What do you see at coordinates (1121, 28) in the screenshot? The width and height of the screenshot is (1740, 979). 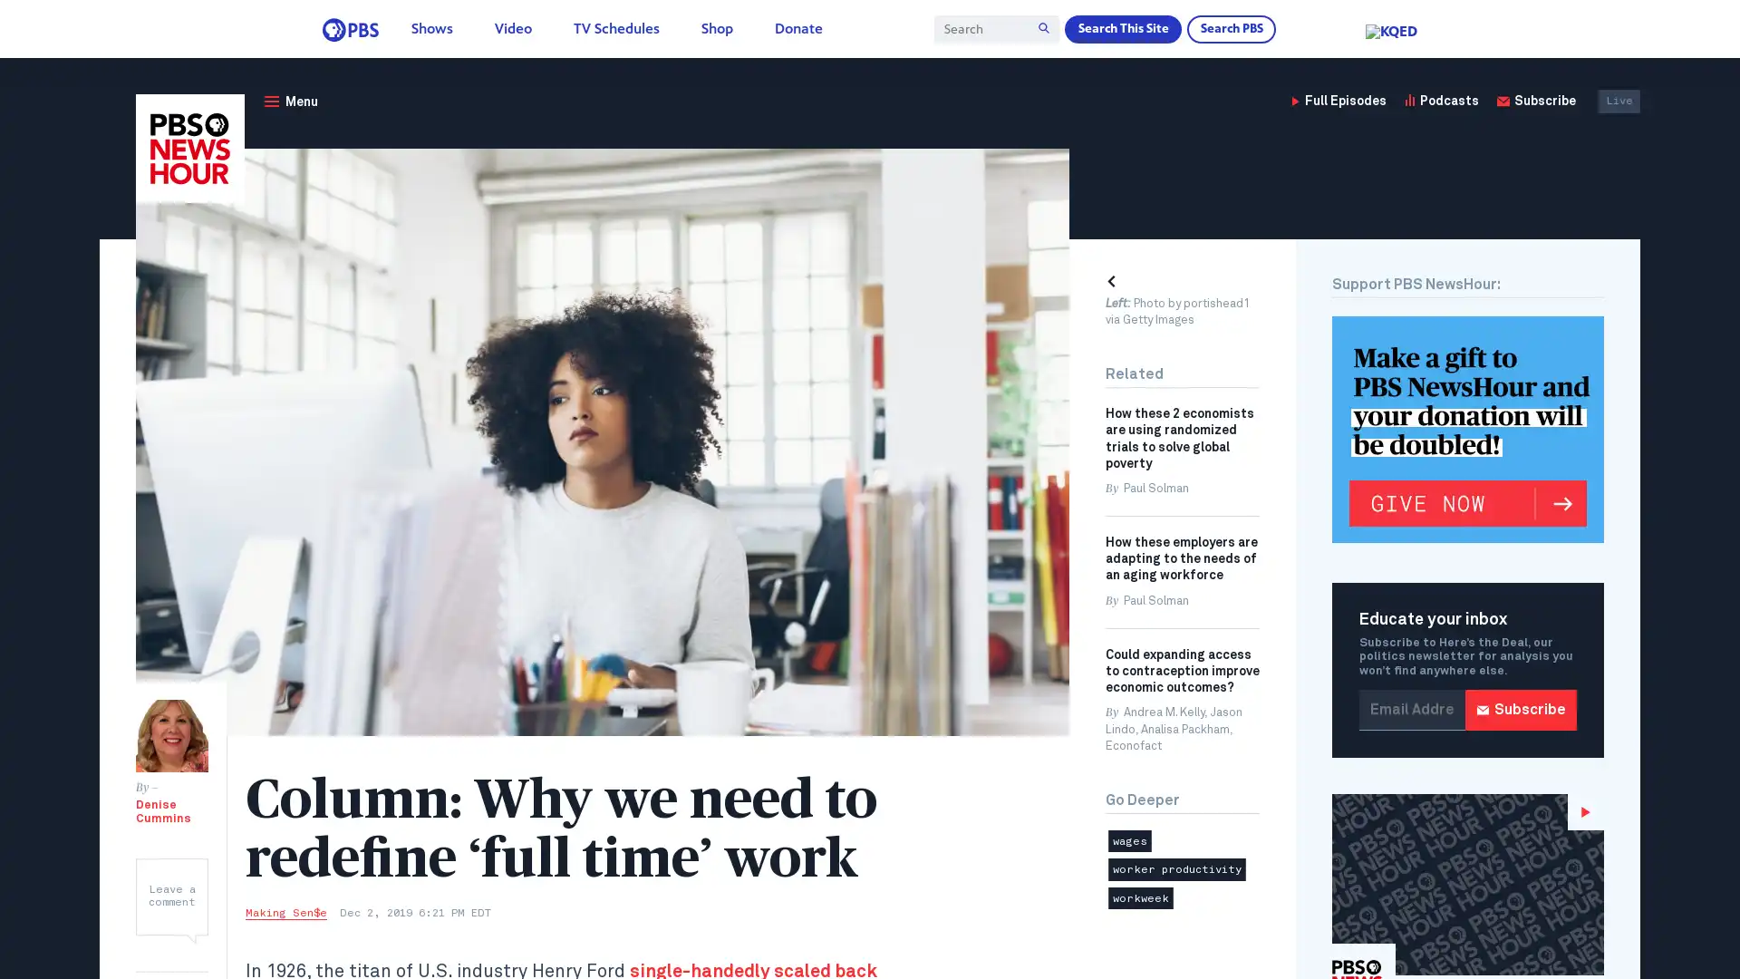 I see `Search This Site` at bounding box center [1121, 28].